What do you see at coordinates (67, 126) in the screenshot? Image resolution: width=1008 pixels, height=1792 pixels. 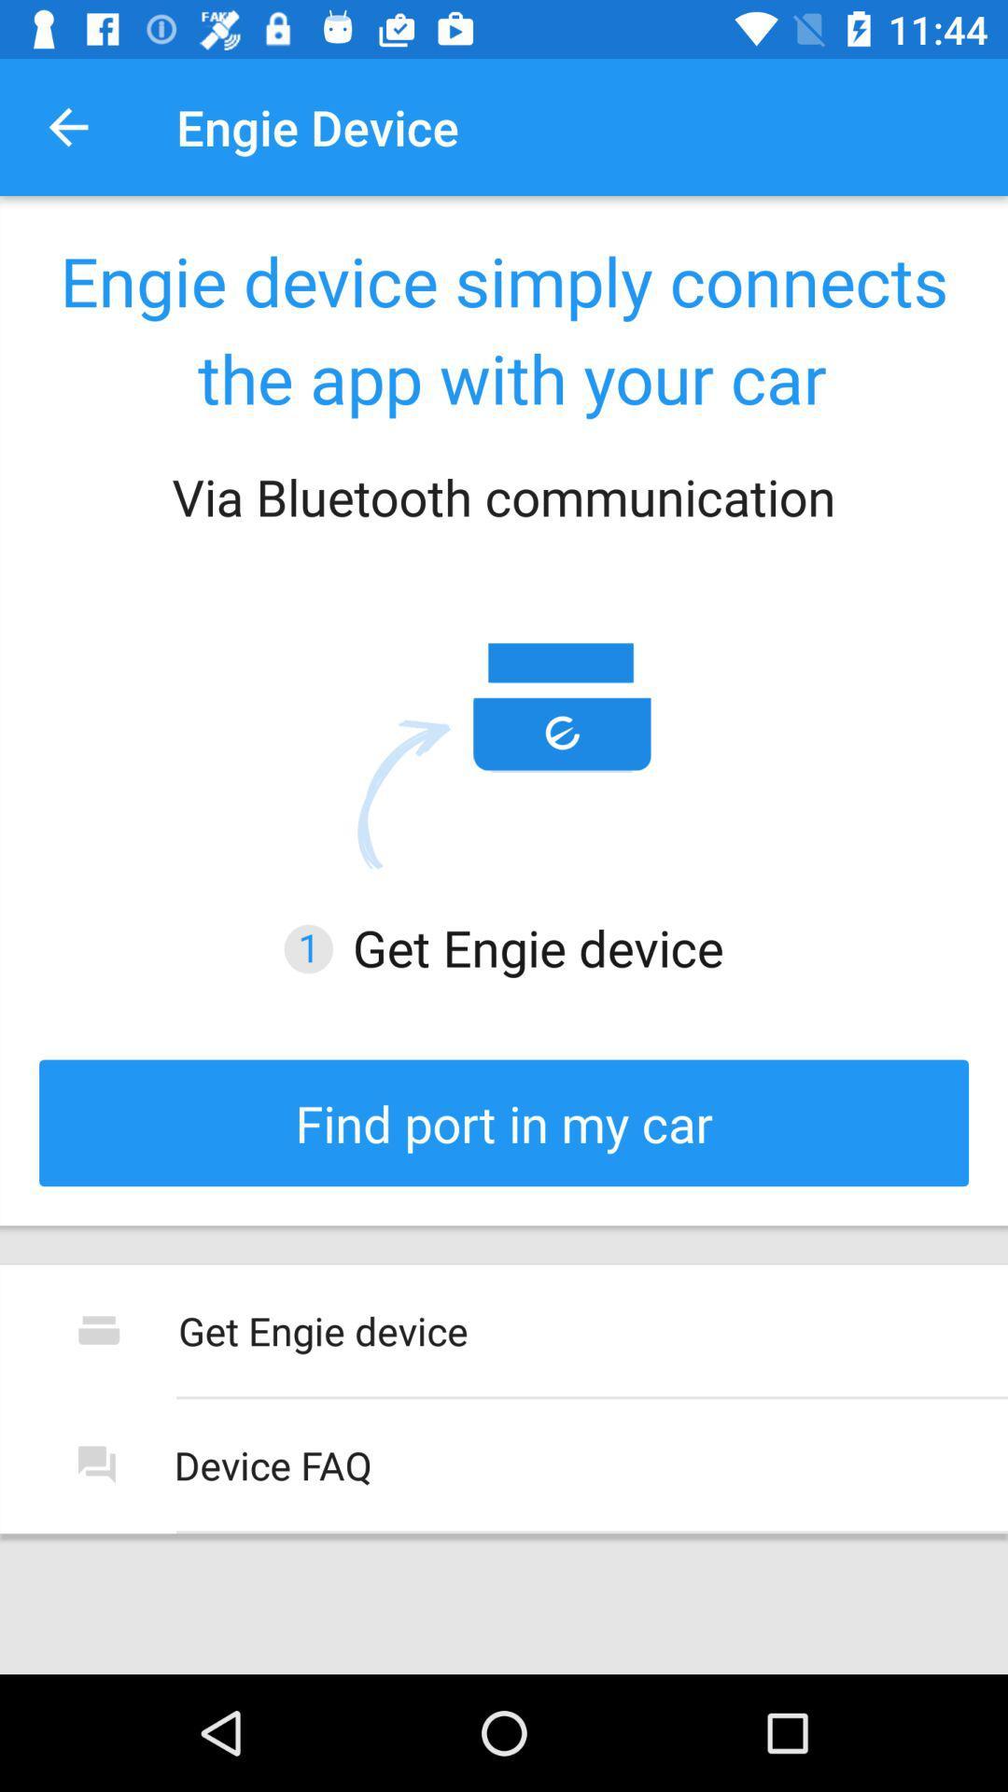 I see `the item next to the engie device icon` at bounding box center [67, 126].